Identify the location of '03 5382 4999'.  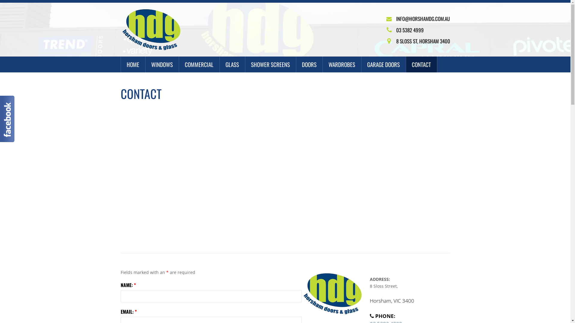
(409, 30).